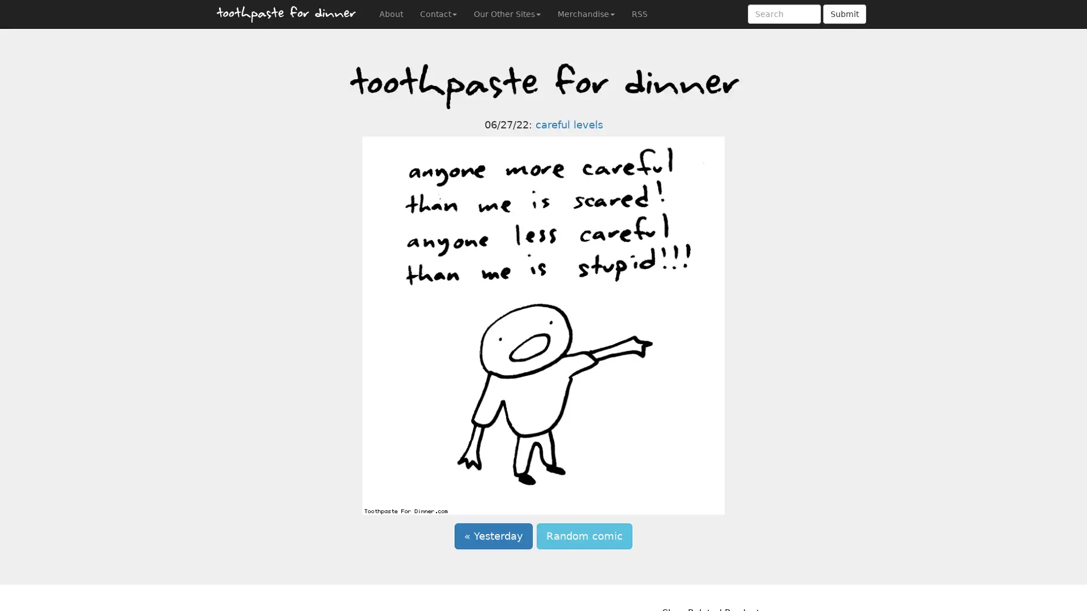 This screenshot has height=611, width=1087. I want to click on Submit, so click(845, 14).